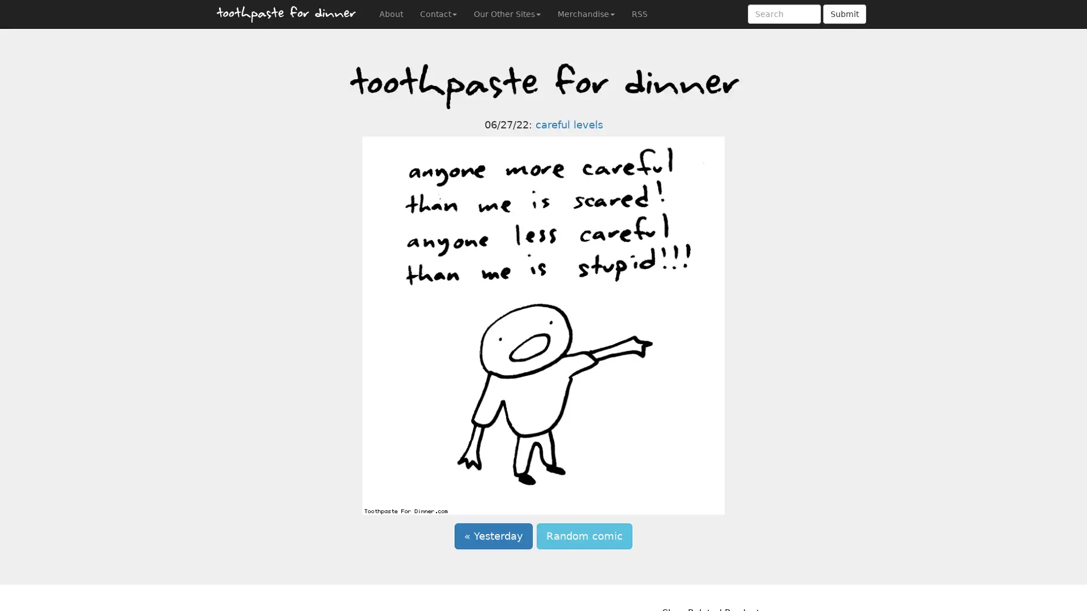 This screenshot has height=611, width=1087. I want to click on Submit, so click(845, 14).